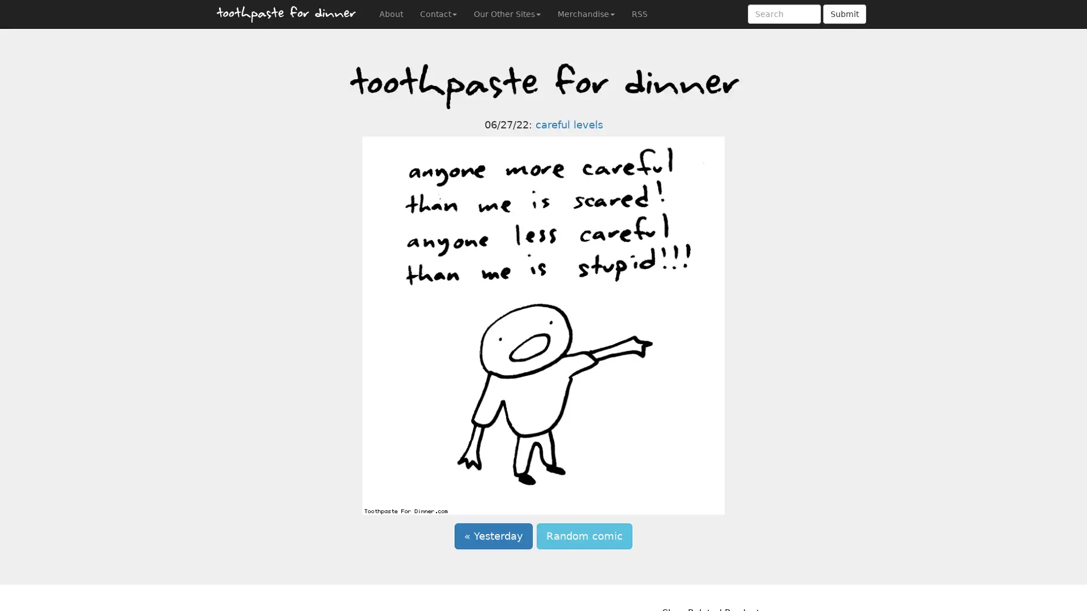 This screenshot has height=611, width=1087. I want to click on Submit, so click(845, 14).